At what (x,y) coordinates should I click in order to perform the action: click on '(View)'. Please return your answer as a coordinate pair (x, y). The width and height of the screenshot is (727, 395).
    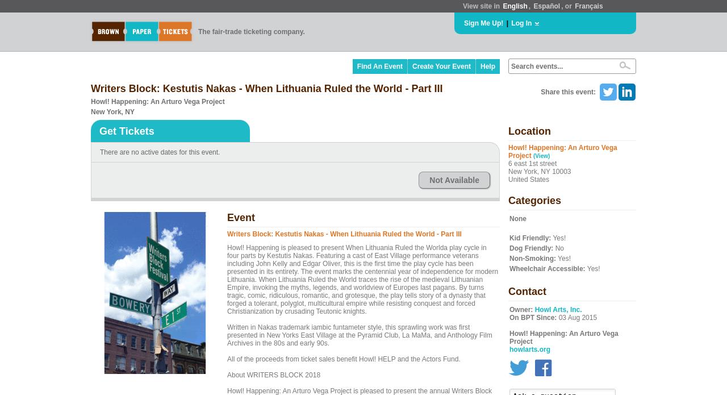
    Looking at the image, I should click on (541, 155).